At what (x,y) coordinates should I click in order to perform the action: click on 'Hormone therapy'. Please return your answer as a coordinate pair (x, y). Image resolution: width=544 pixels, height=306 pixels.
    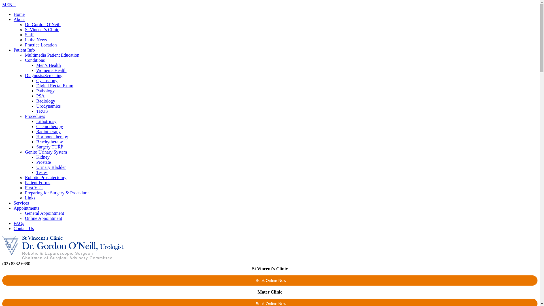
    Looking at the image, I should click on (36, 137).